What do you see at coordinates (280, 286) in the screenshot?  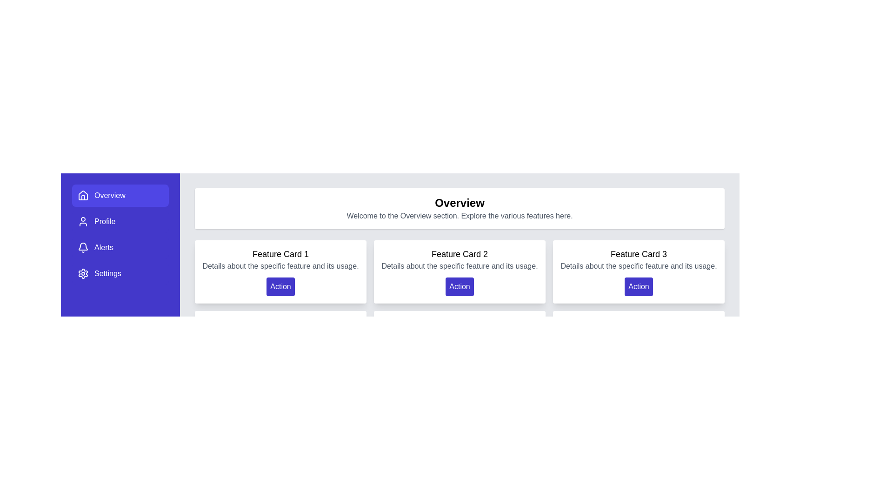 I see `the 'Action' button` at bounding box center [280, 286].